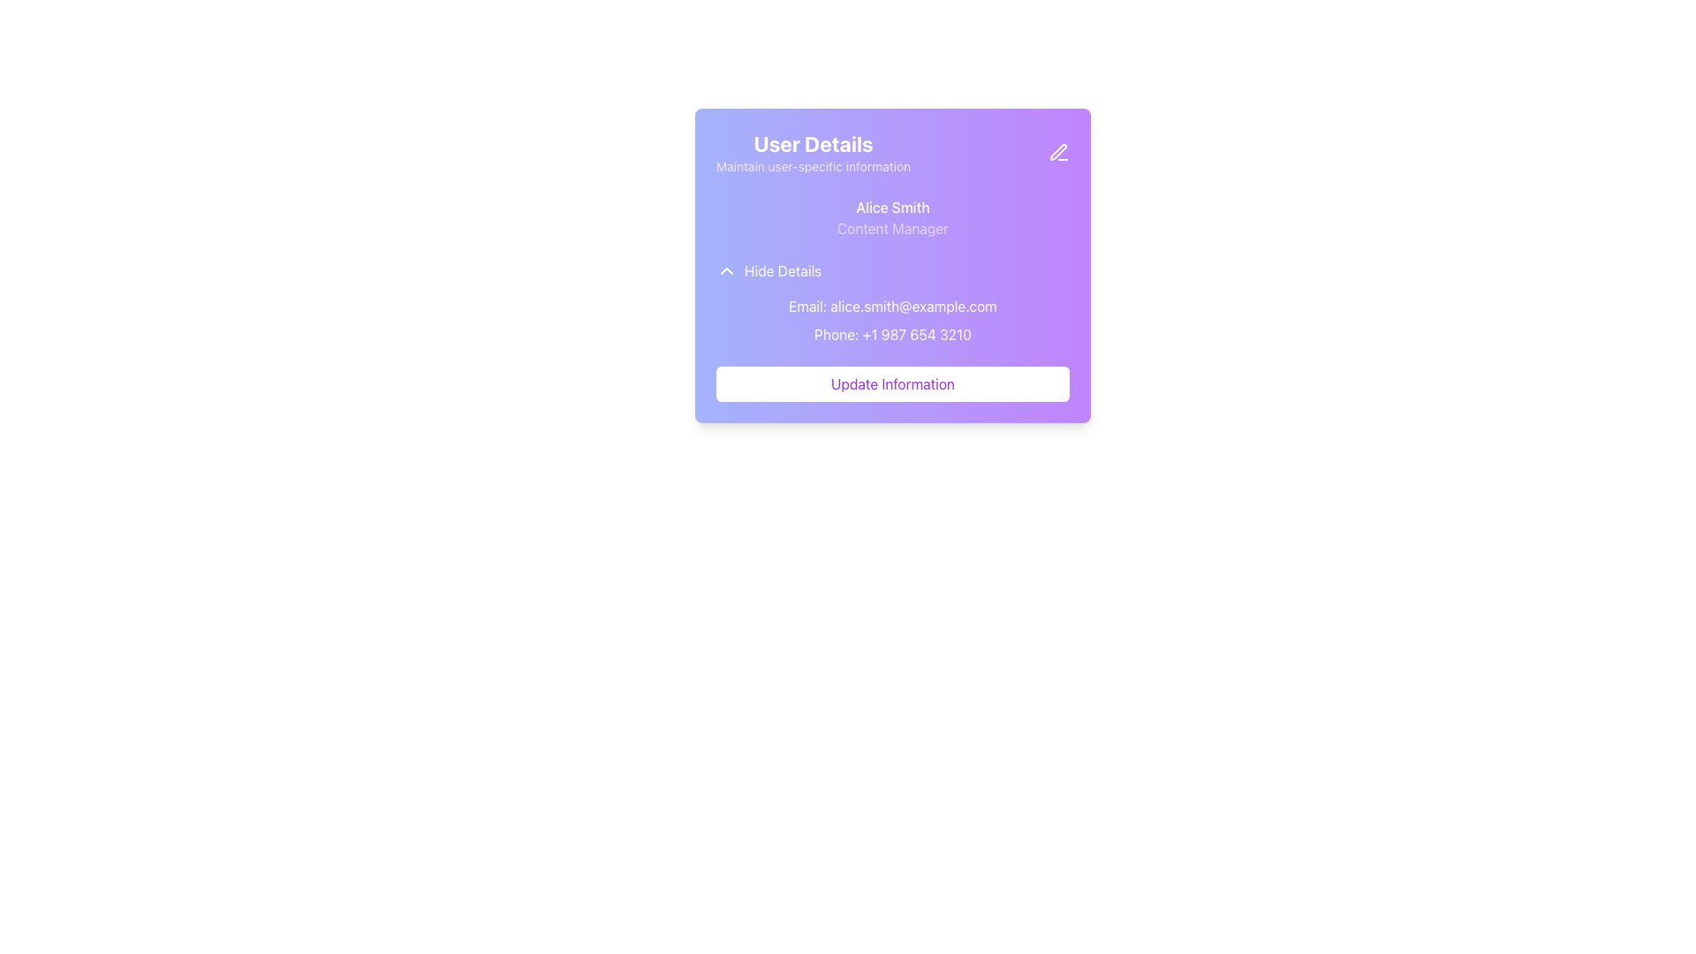 The image size is (1696, 954). I want to click on the 'Update Information' button with a white background and purple text, so click(893, 383).